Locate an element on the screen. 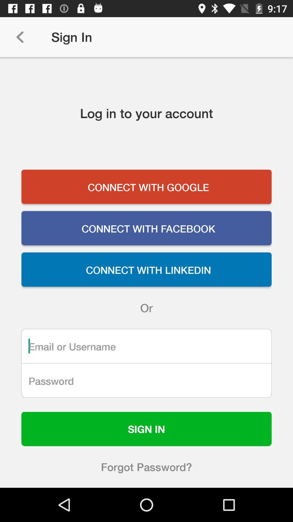  the icon above the sign in icon is located at coordinates (146, 380).